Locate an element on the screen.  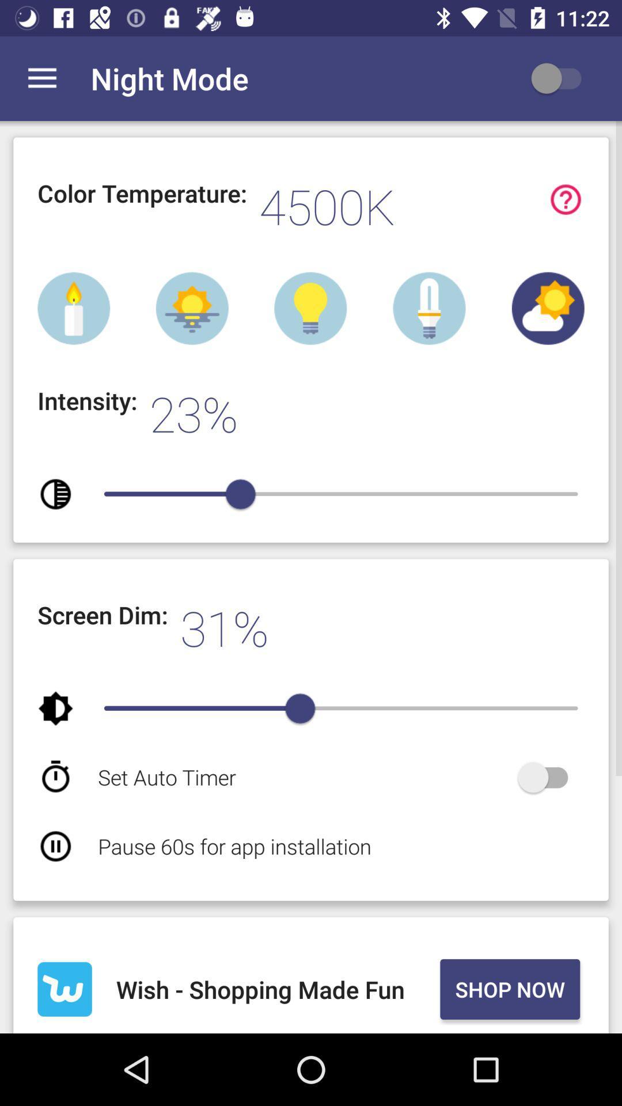
set auto timer is located at coordinates (548, 777).